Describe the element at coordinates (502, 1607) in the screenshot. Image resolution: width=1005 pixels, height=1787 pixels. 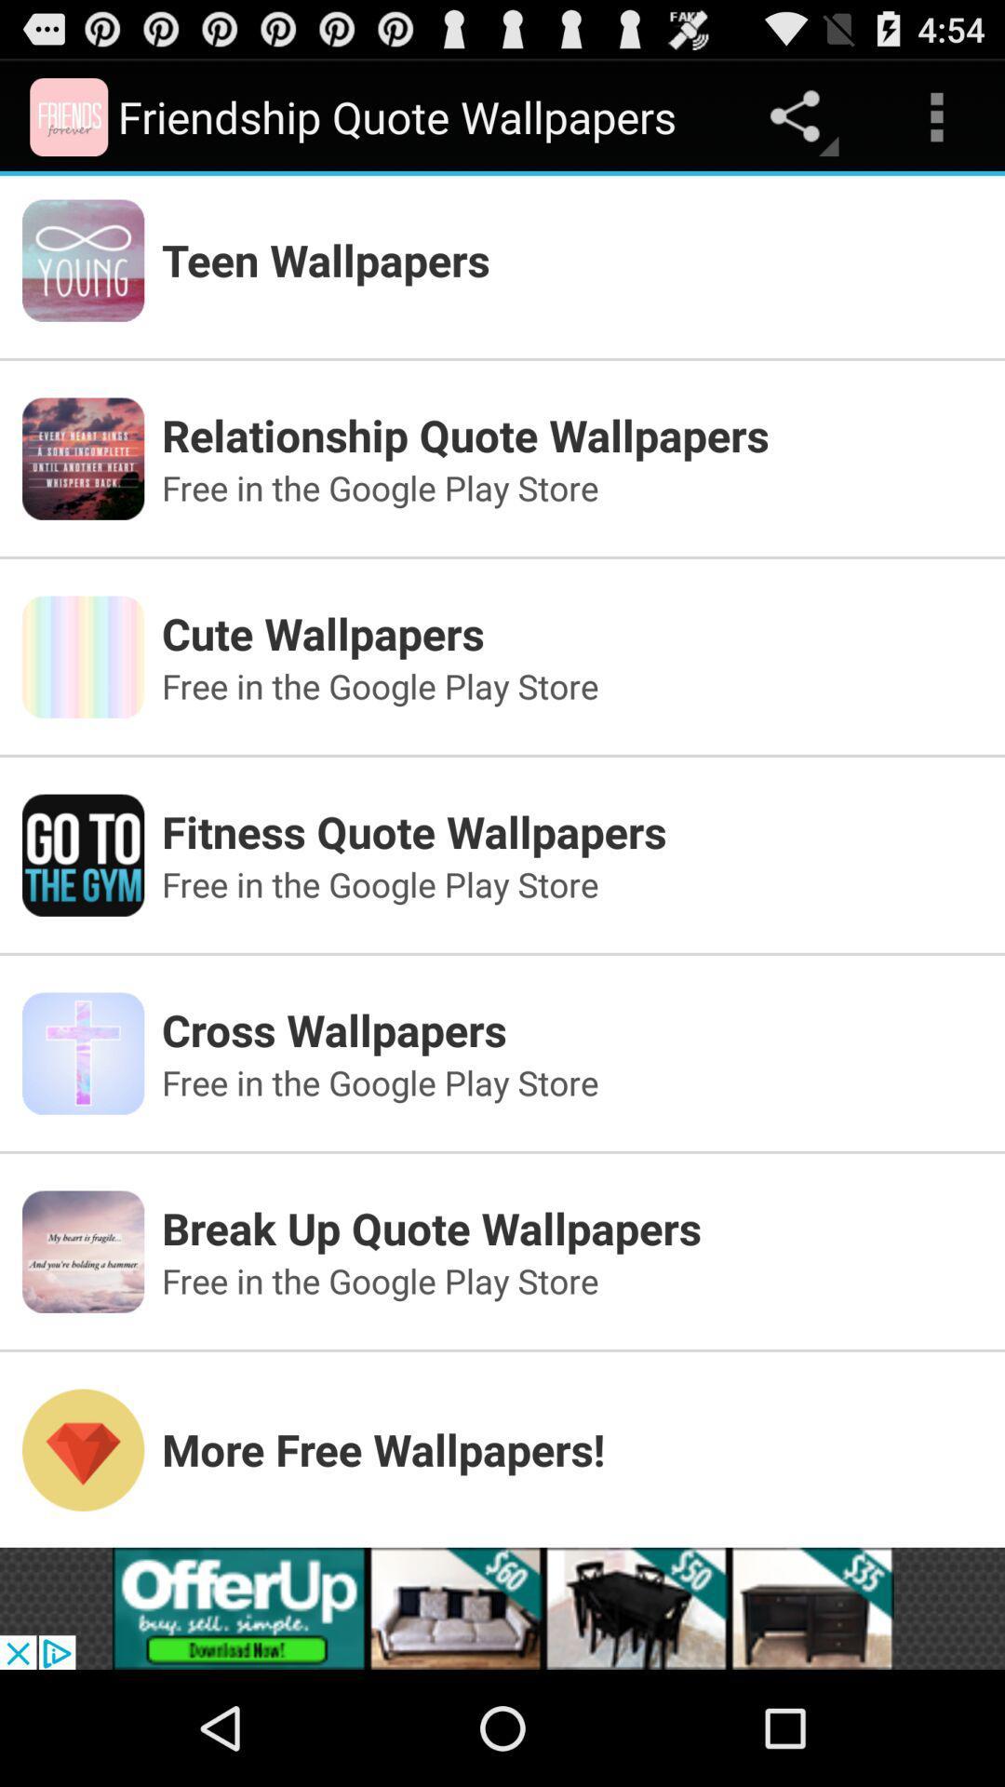
I see `advertisement page` at that location.